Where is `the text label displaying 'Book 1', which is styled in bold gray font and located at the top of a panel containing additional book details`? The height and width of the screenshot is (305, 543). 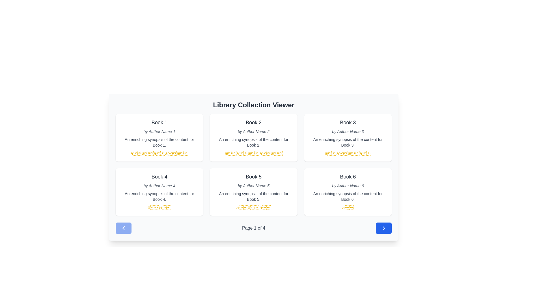 the text label displaying 'Book 1', which is styled in bold gray font and located at the top of a panel containing additional book details is located at coordinates (159, 122).